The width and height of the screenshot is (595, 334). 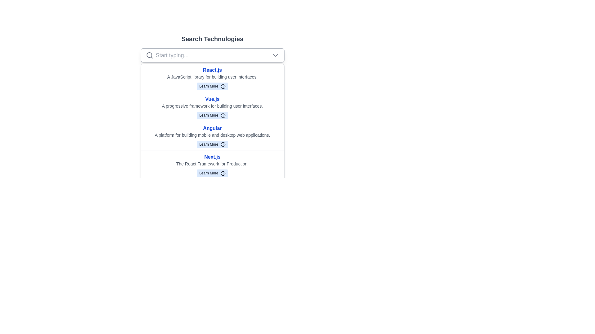 What do you see at coordinates (149, 54) in the screenshot?
I see `the circular part of the magnifying glass icon, which is located near the input field labeled 'Start typing...'` at bounding box center [149, 54].